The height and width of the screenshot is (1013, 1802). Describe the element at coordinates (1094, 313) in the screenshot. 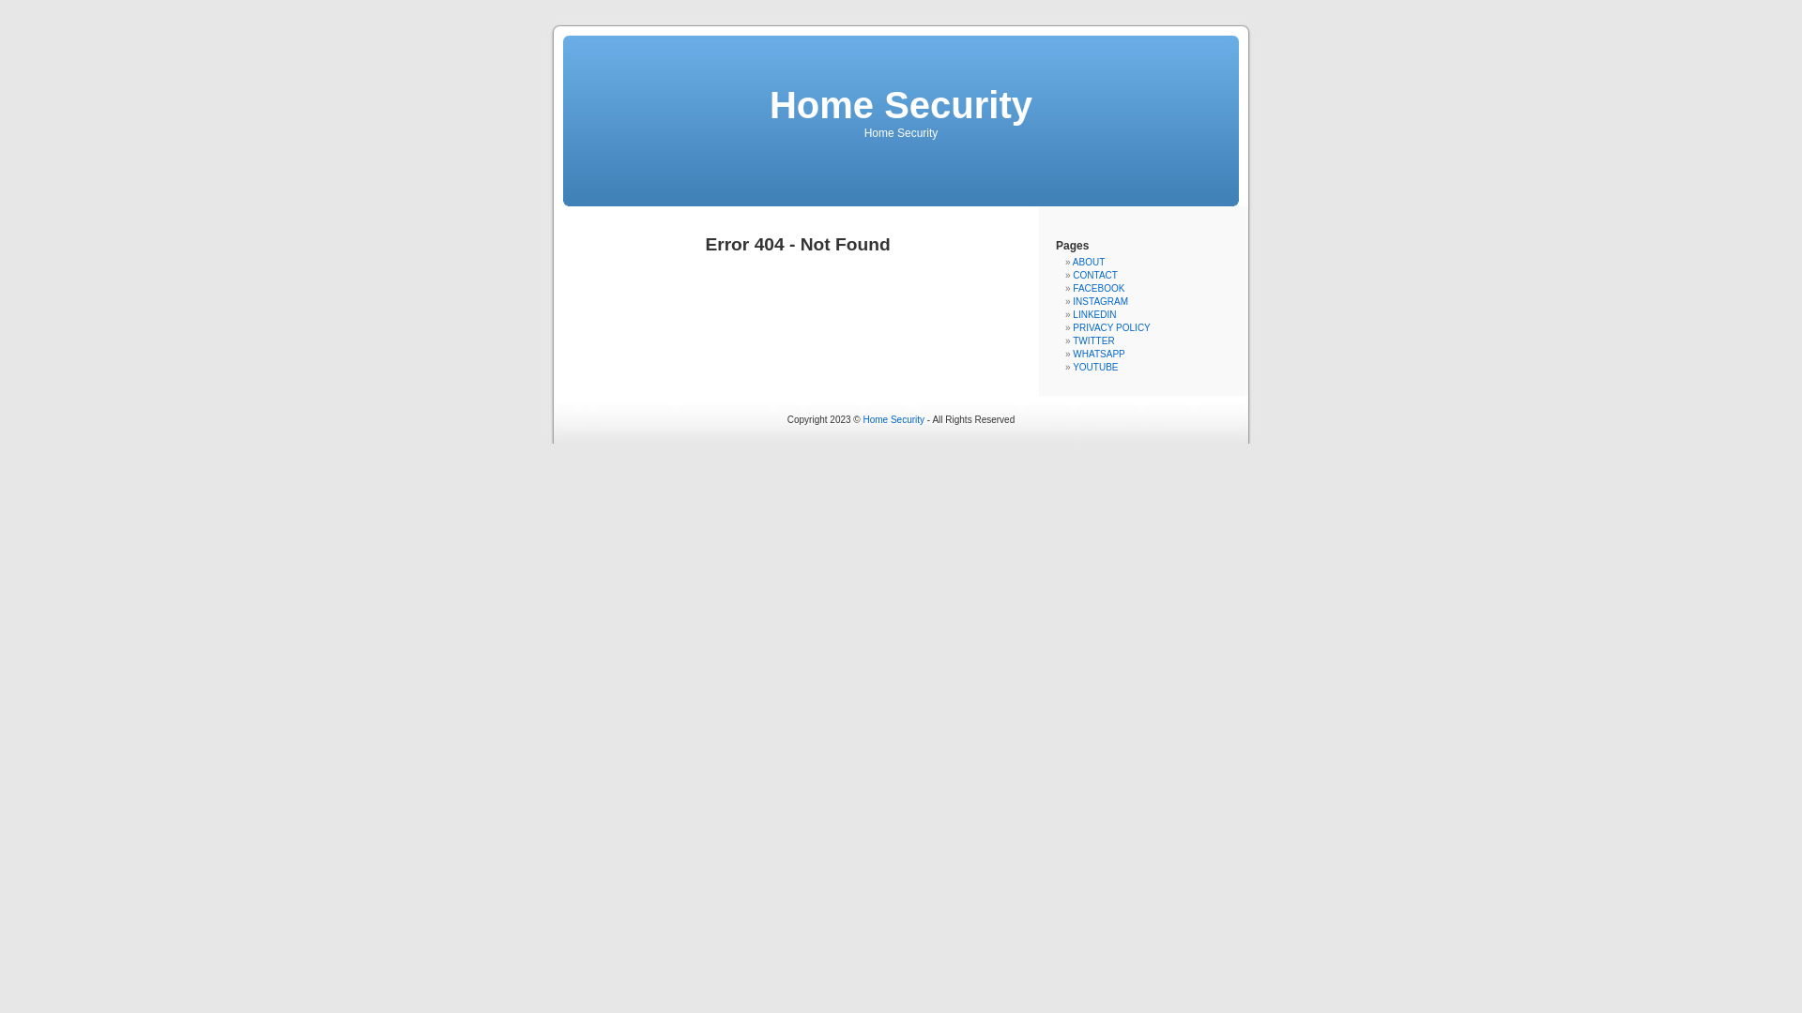

I see `'LINKEDIN'` at that location.